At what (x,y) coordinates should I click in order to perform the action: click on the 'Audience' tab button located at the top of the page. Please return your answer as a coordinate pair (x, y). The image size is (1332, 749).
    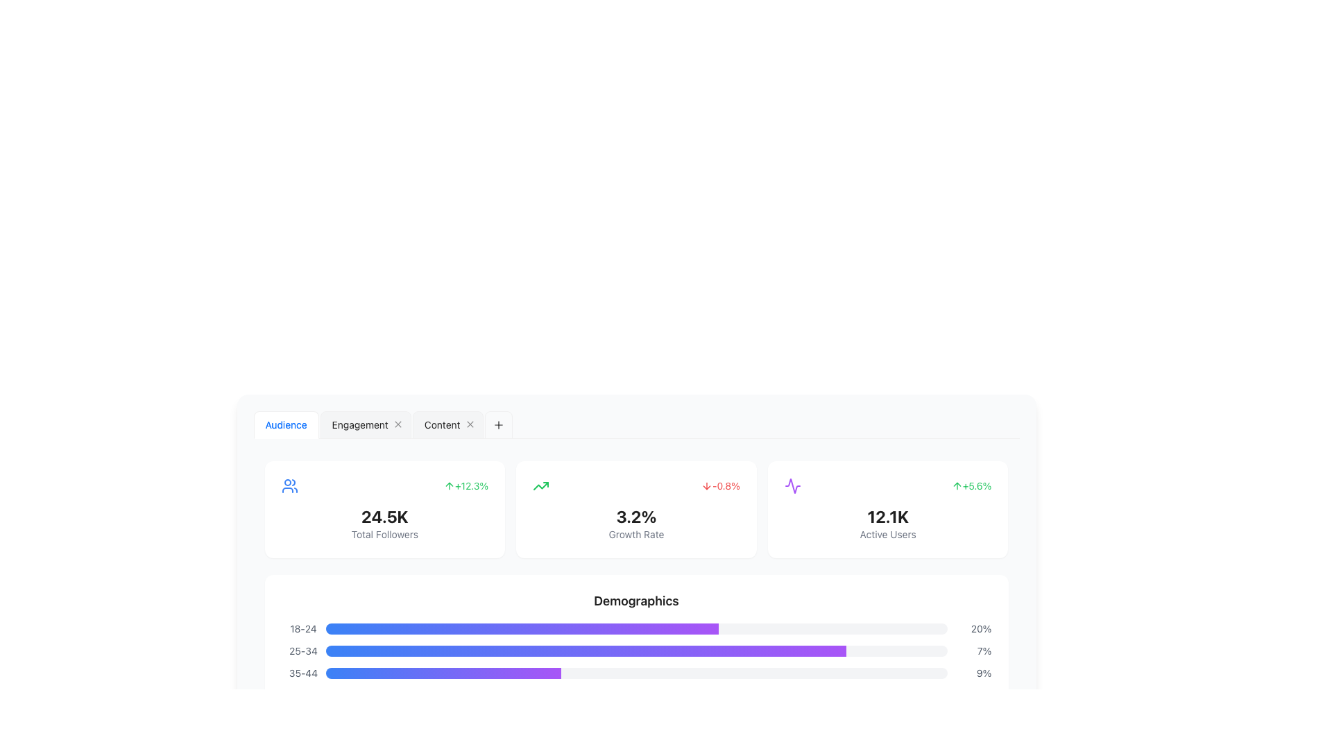
    Looking at the image, I should click on (285, 424).